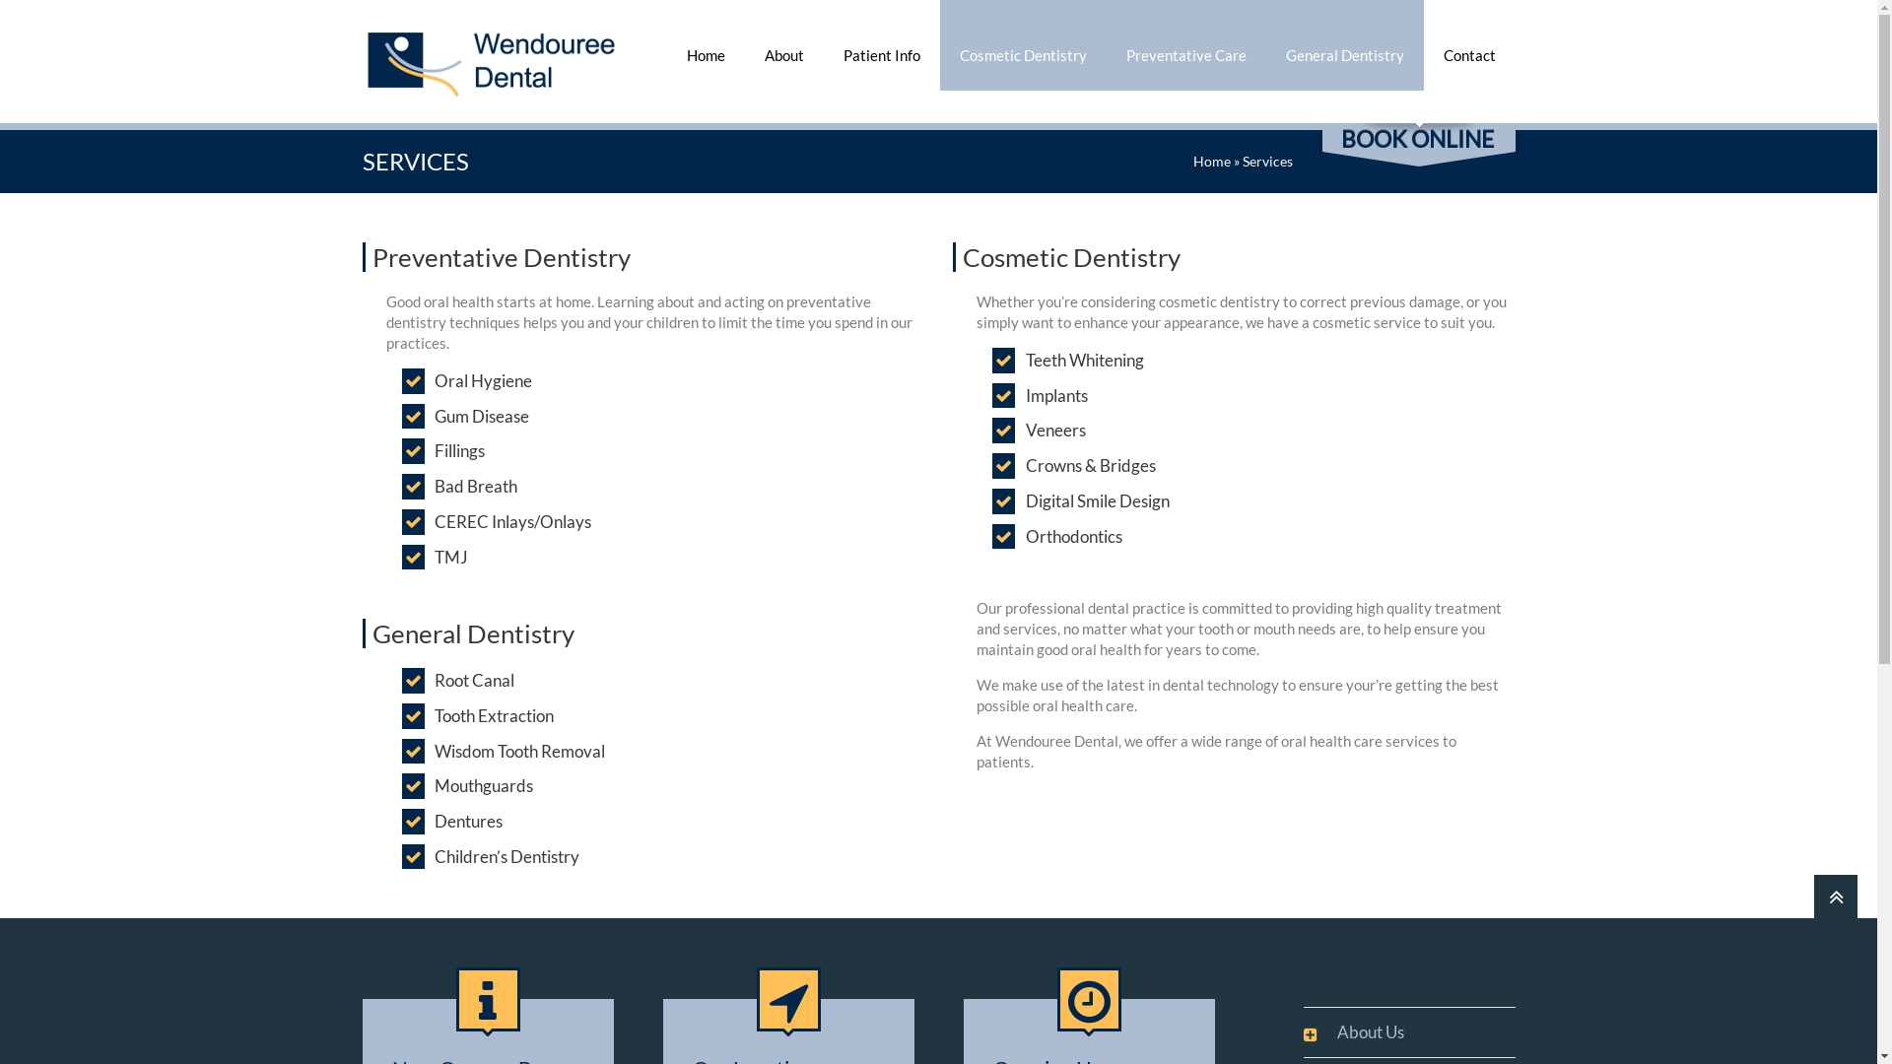 The image size is (1892, 1064). I want to click on 'Preventative Care', so click(1184, 44).